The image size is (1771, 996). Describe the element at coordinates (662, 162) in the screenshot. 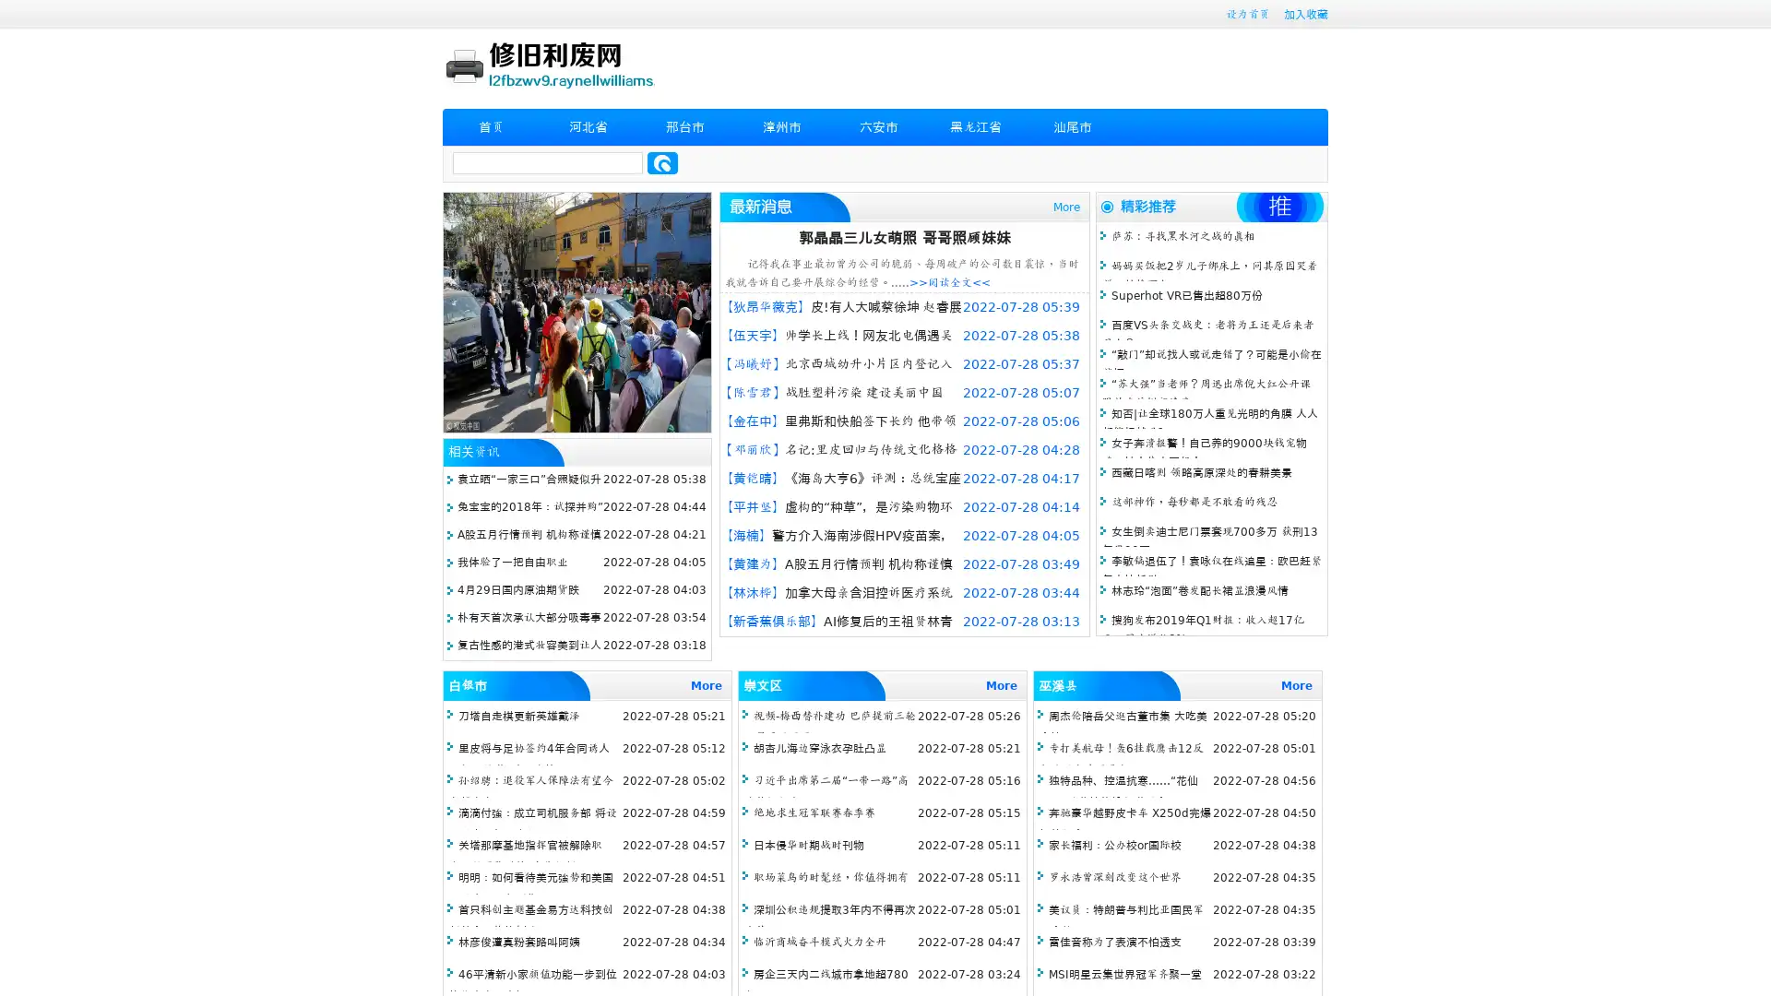

I see `Search` at that location.